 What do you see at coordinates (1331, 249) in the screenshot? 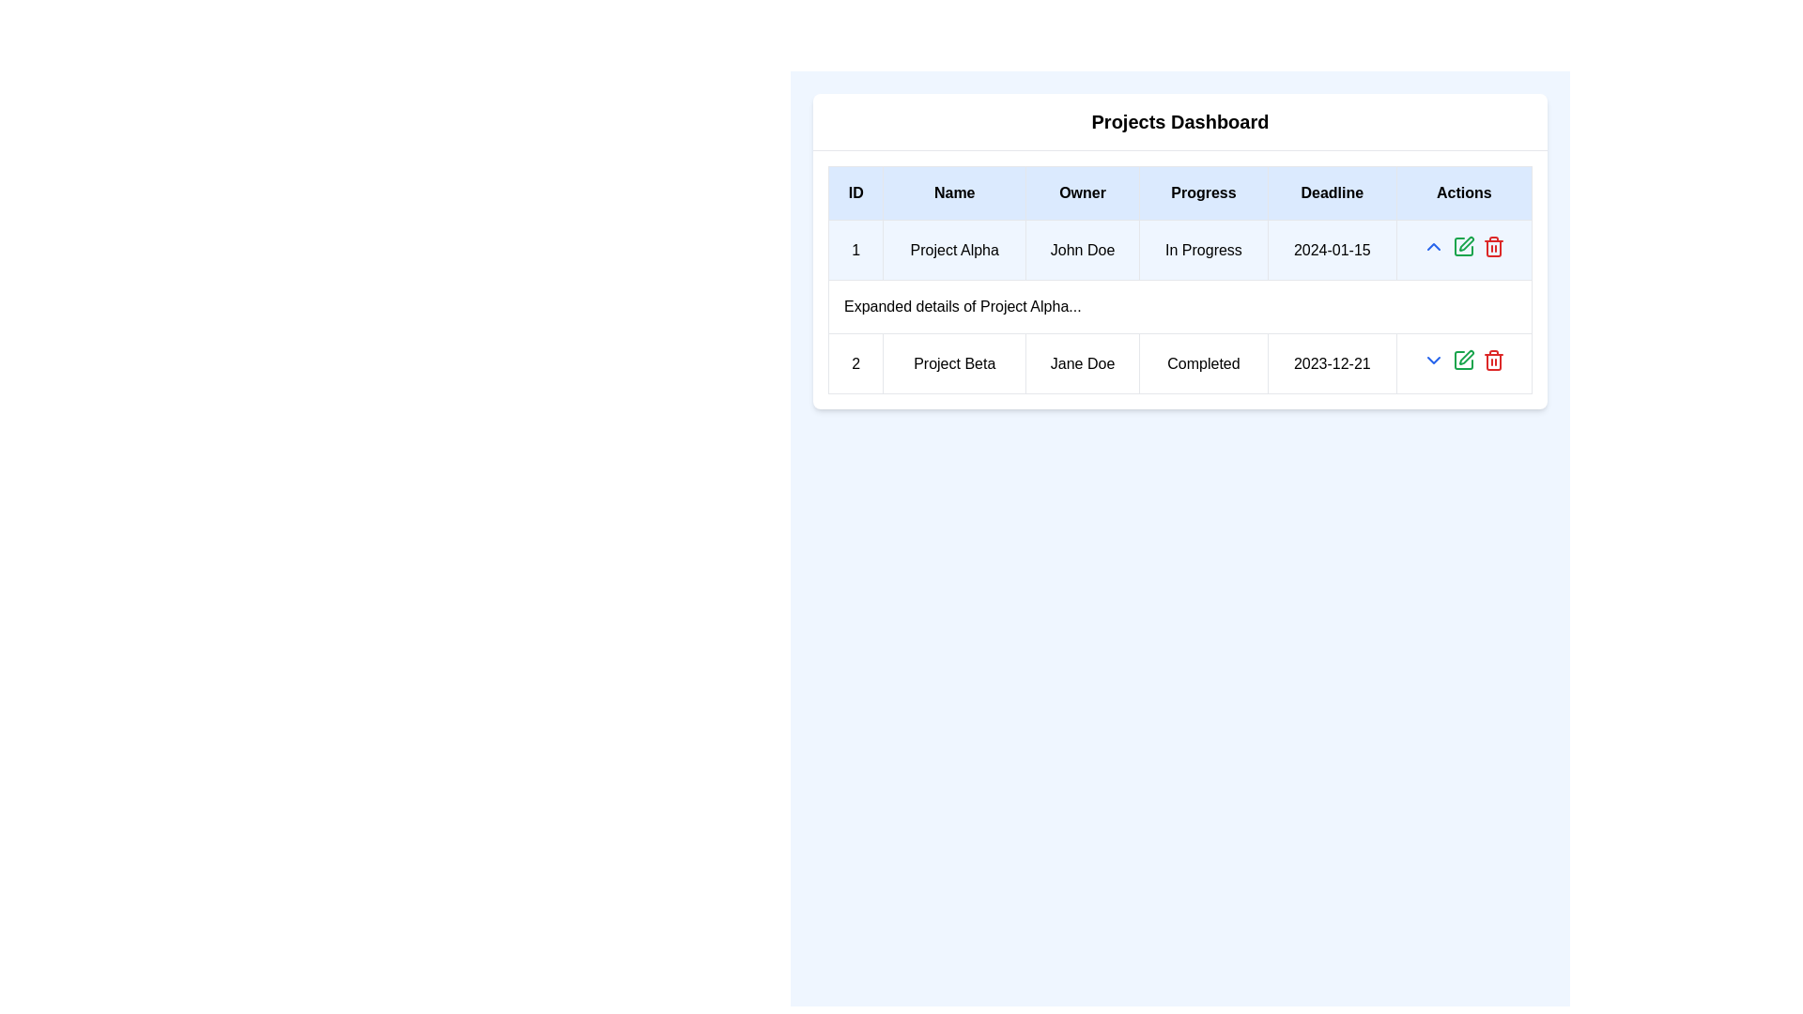
I see `the text label displaying the date '2024-01-15' in the 'Deadline' column of the data table` at bounding box center [1331, 249].